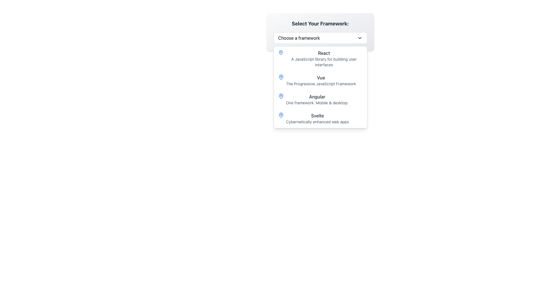 This screenshot has height=302, width=536. What do you see at coordinates (281, 96) in the screenshot?
I see `the main body of the map pin graphic icon, which is filled with a light color and surrounded by a blue stroke, located next to the 'Angular' label in the dropdown menu` at bounding box center [281, 96].